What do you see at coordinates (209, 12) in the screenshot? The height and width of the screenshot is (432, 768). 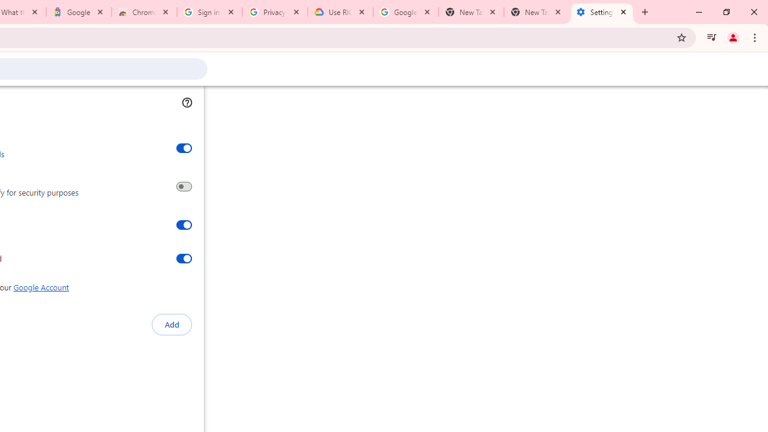 I see `'Sign in - Google Accounts'` at bounding box center [209, 12].